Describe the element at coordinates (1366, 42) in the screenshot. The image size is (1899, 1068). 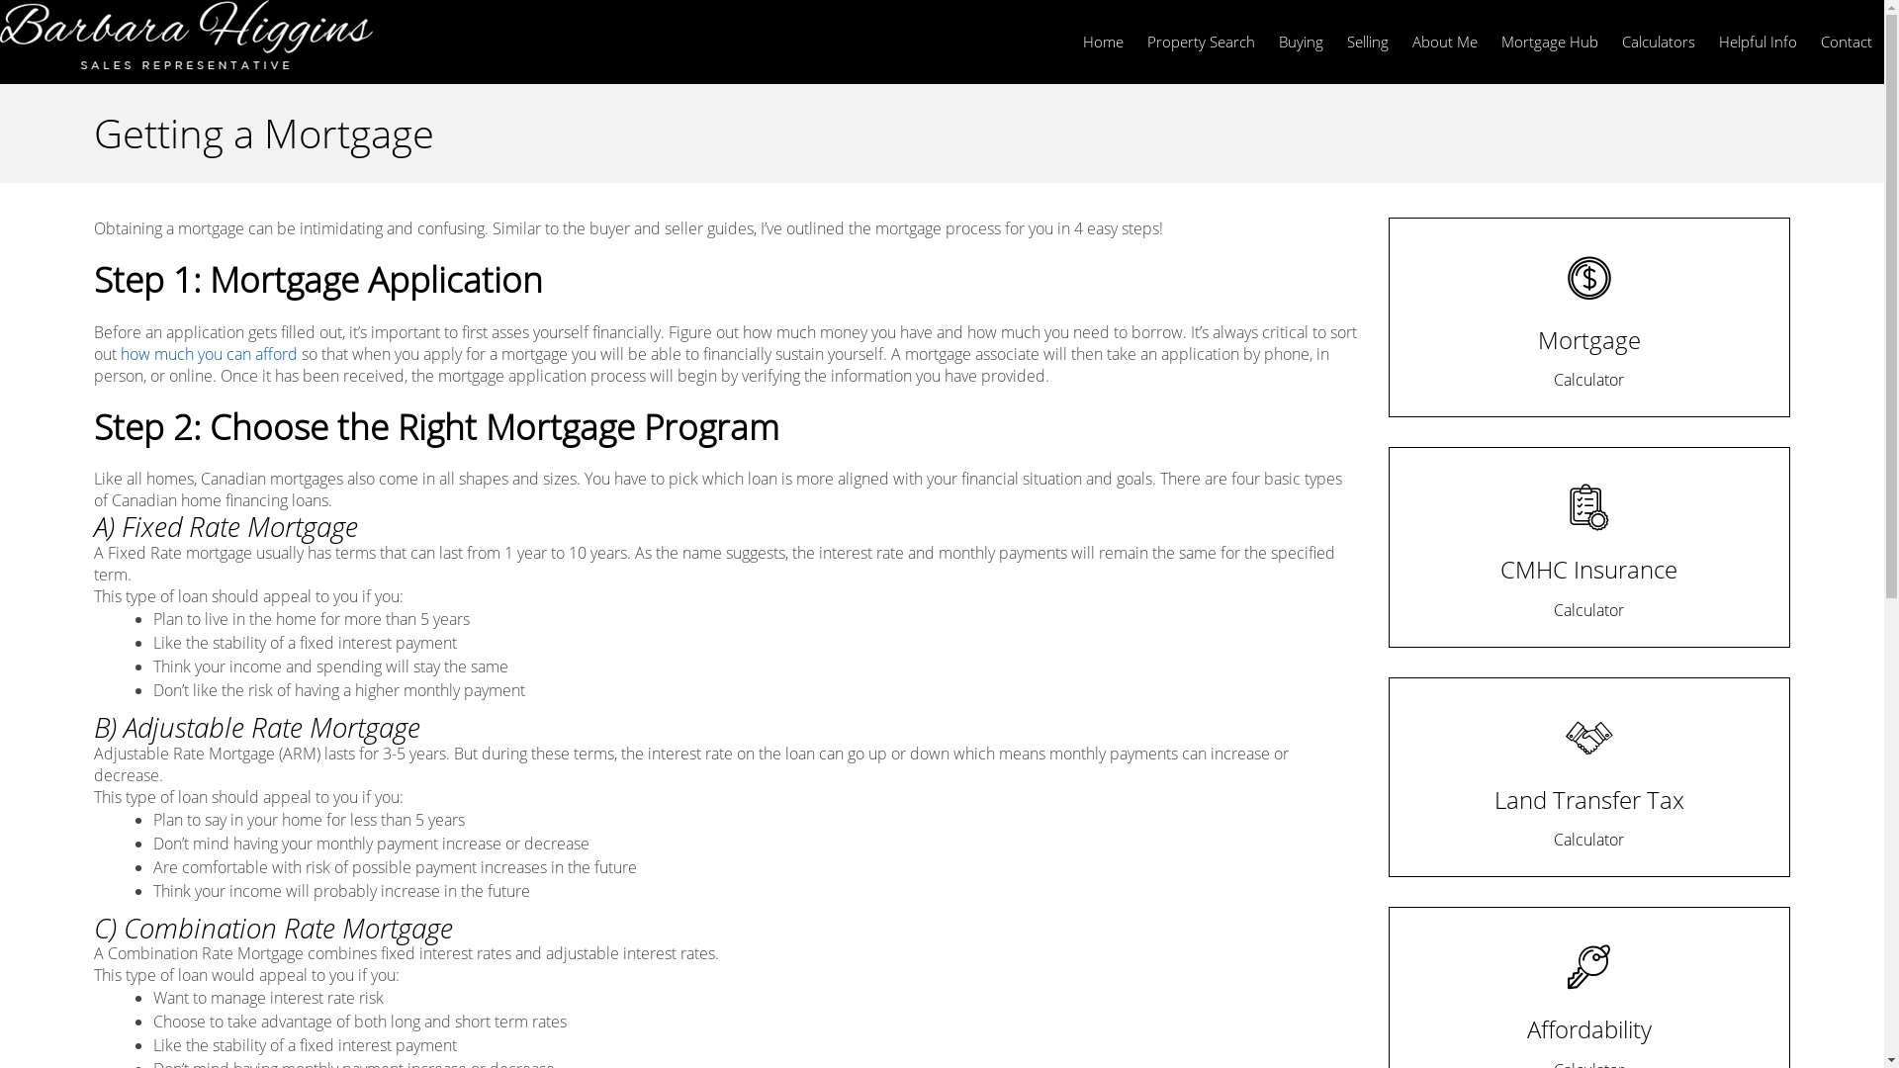
I see `'Selling'` at that location.